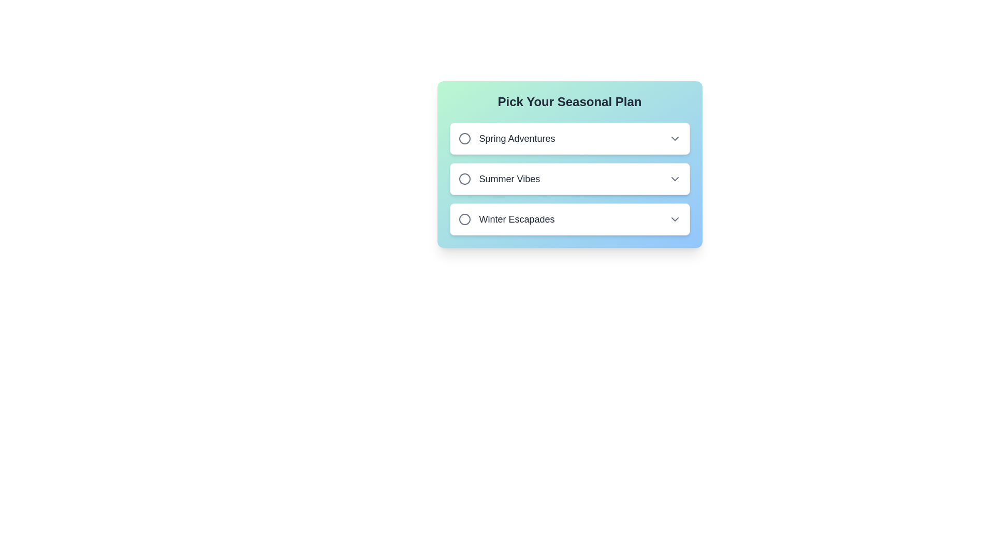  Describe the element at coordinates (464, 219) in the screenshot. I see `the circular radio button indicator adjacent to the label 'Winter Escapades', which is the third option in the vertical list` at that location.